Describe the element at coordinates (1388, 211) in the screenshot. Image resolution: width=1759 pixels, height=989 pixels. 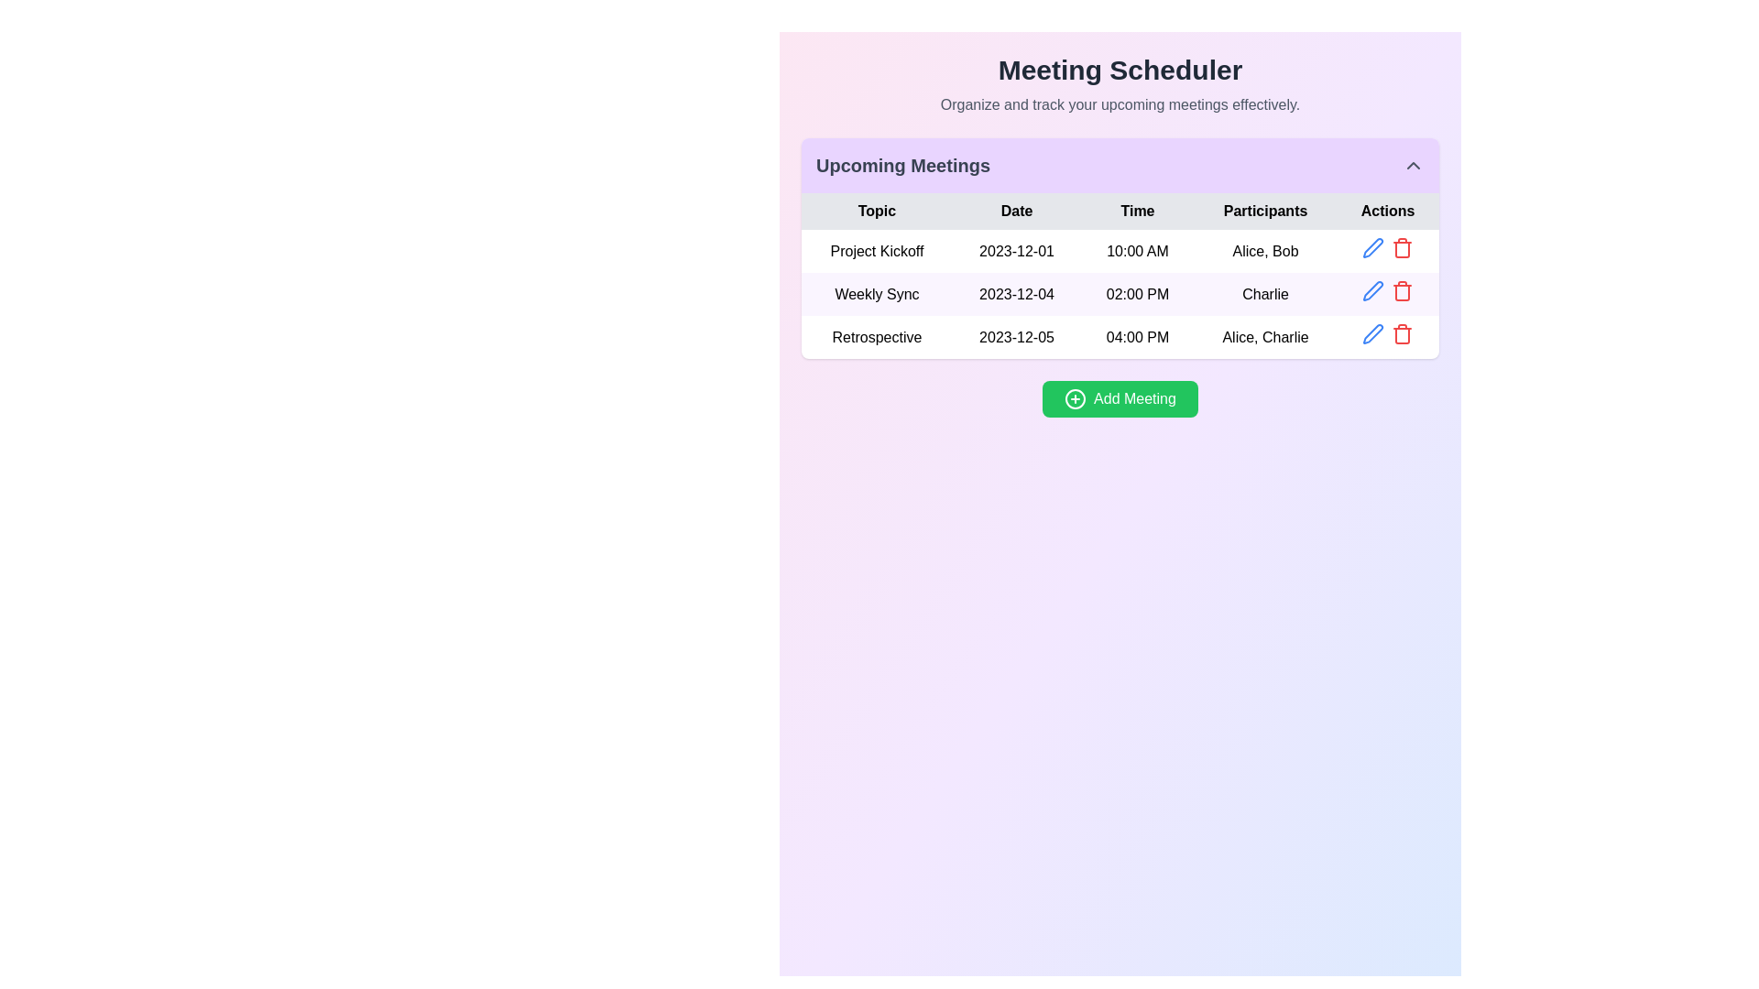
I see `the text label displaying 'Actions' in bold black font, located in the rightmost position of the header row in the table layout` at that location.